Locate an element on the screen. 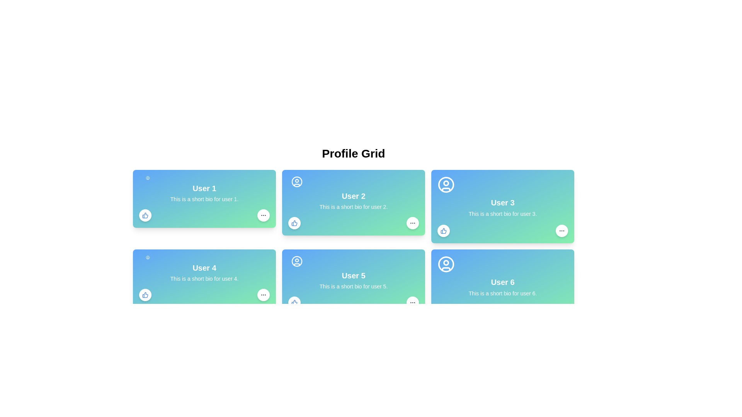 This screenshot has width=742, height=417. text label that identifies the user associated with the profile card, which is centrally aligned near the top of the sixth card in a 3x2 grid is located at coordinates (502, 281).